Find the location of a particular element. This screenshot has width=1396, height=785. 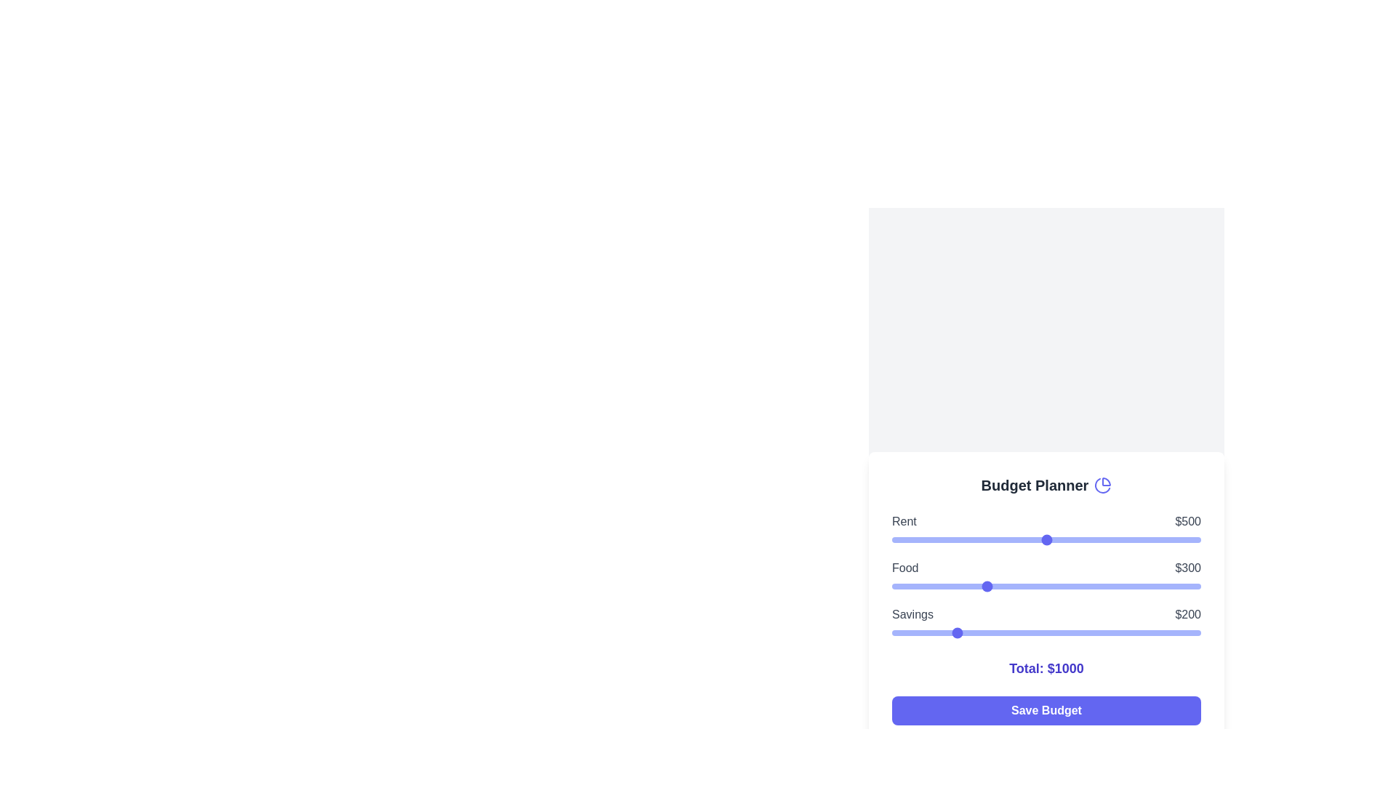

the savings slider to 290 is located at coordinates (982, 632).